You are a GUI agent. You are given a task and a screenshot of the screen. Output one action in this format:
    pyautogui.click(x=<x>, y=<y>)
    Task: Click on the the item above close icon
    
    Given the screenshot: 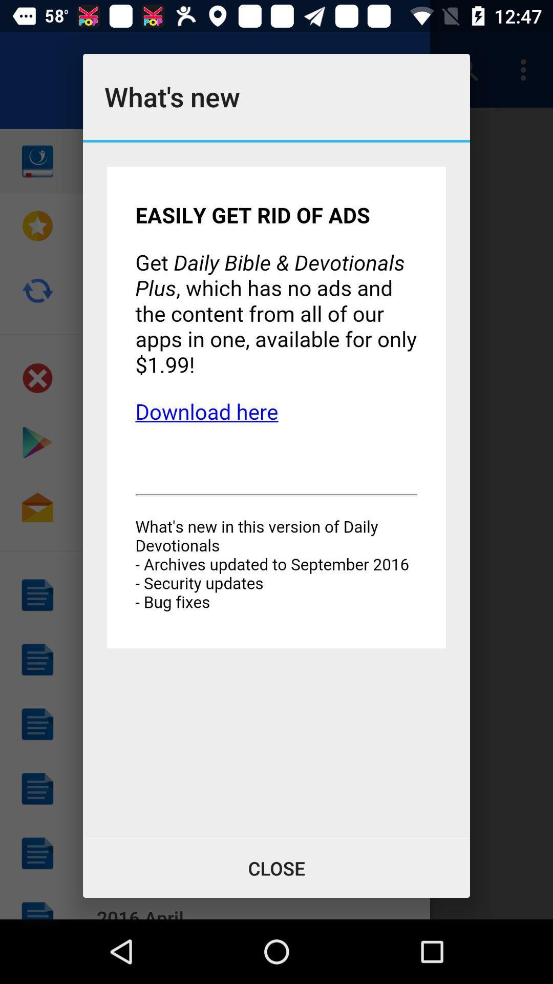 What is the action you would take?
    pyautogui.click(x=276, y=489)
    